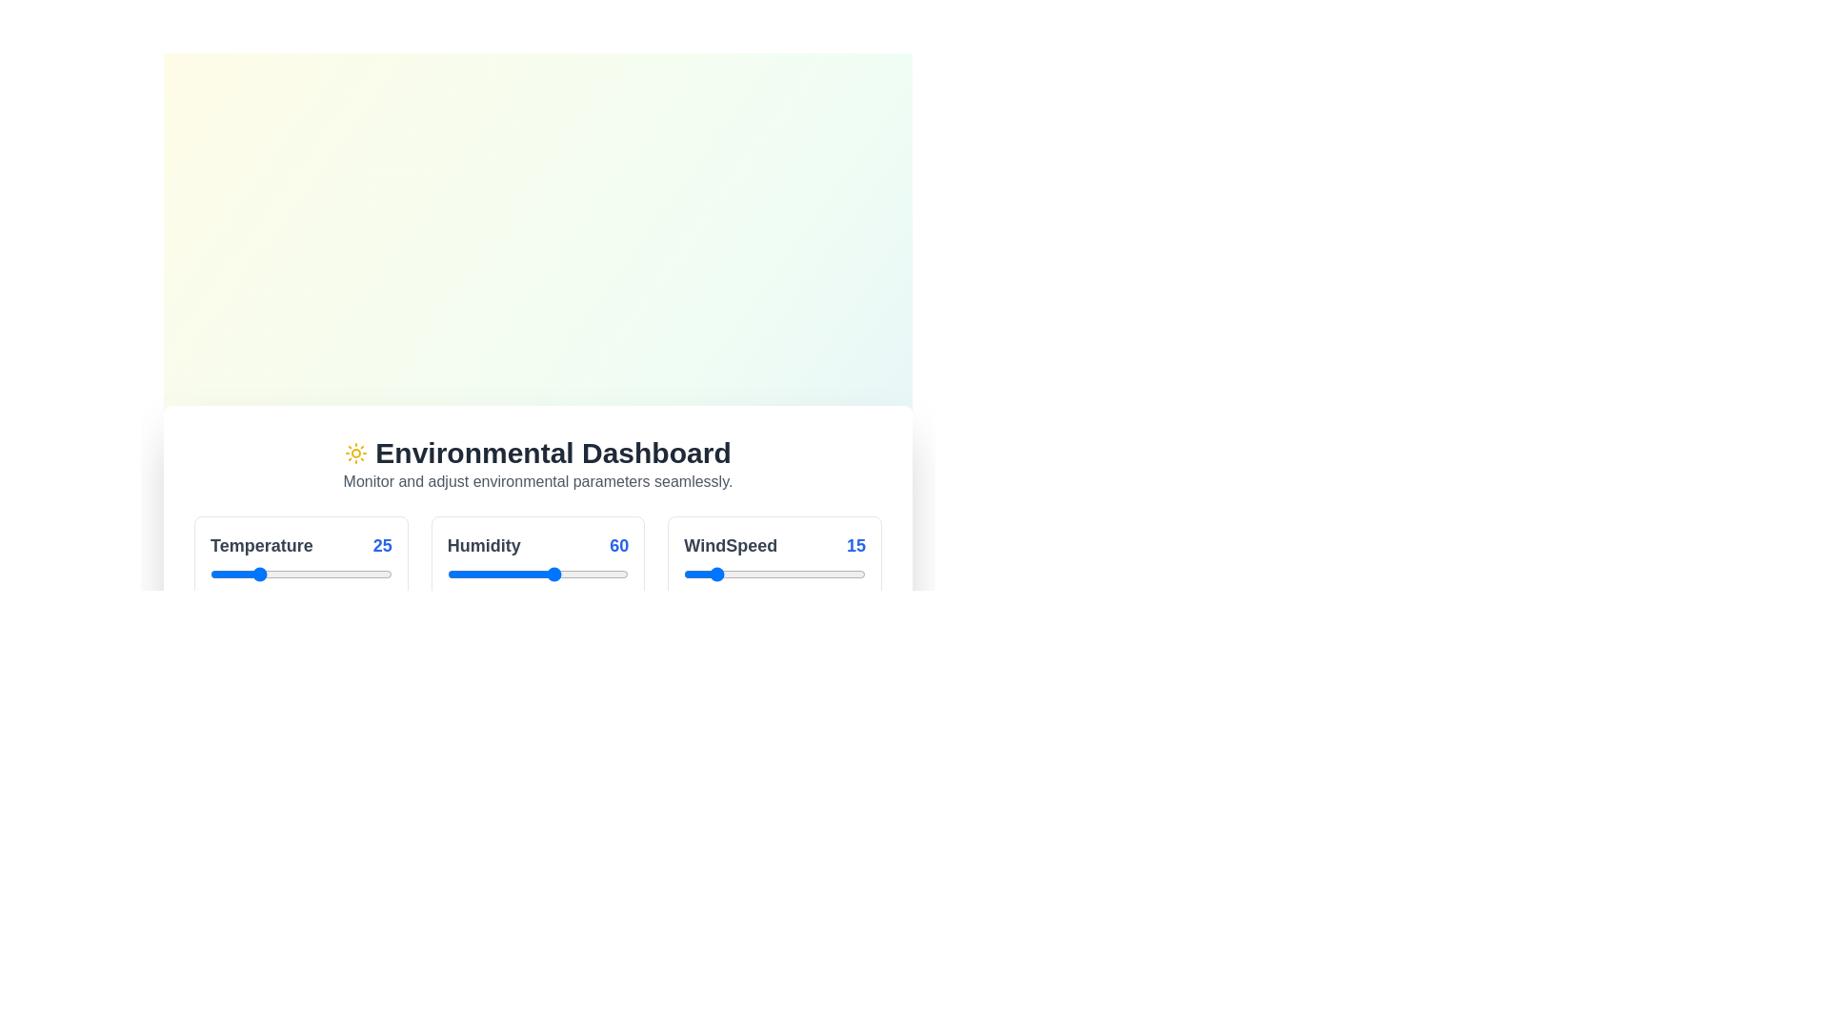 Image resolution: width=1829 pixels, height=1029 pixels. I want to click on the slider, so click(363, 573).